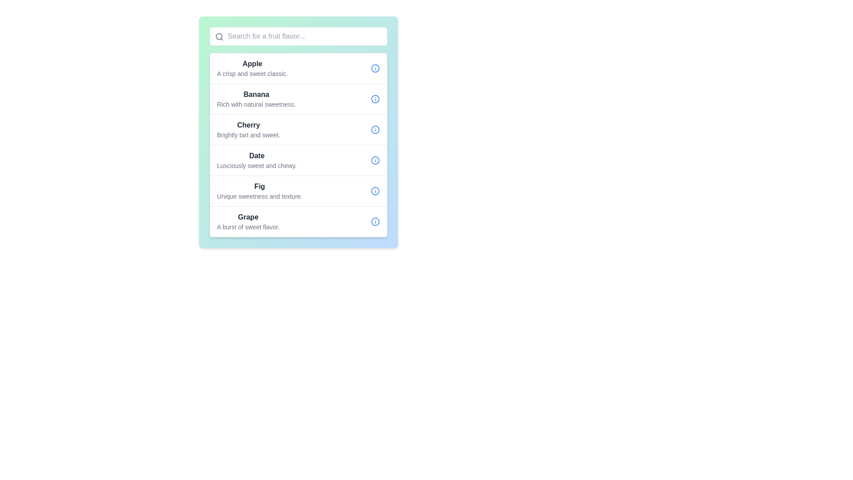  I want to click on the bold, dark-colored text label reading 'Cherry', so click(248, 125).